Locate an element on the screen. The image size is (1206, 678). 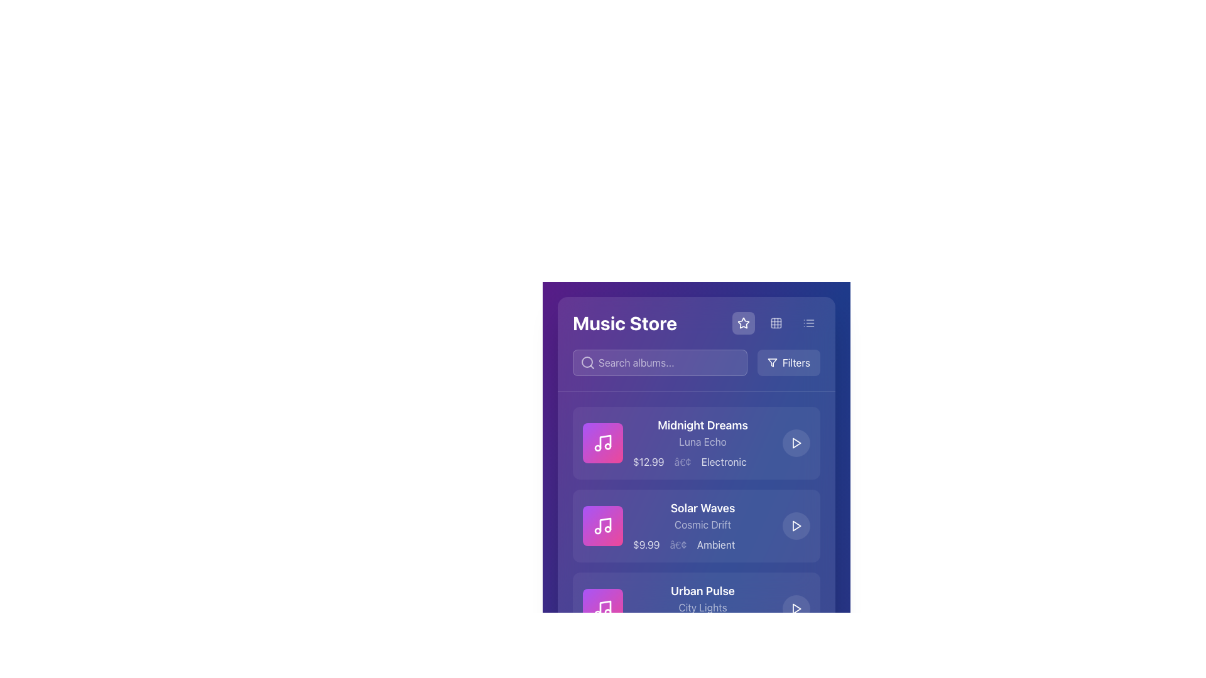
the media details displayed in the textual content block of the first media item in the Music Store interface, located under the header and search bar is located at coordinates (702, 442).